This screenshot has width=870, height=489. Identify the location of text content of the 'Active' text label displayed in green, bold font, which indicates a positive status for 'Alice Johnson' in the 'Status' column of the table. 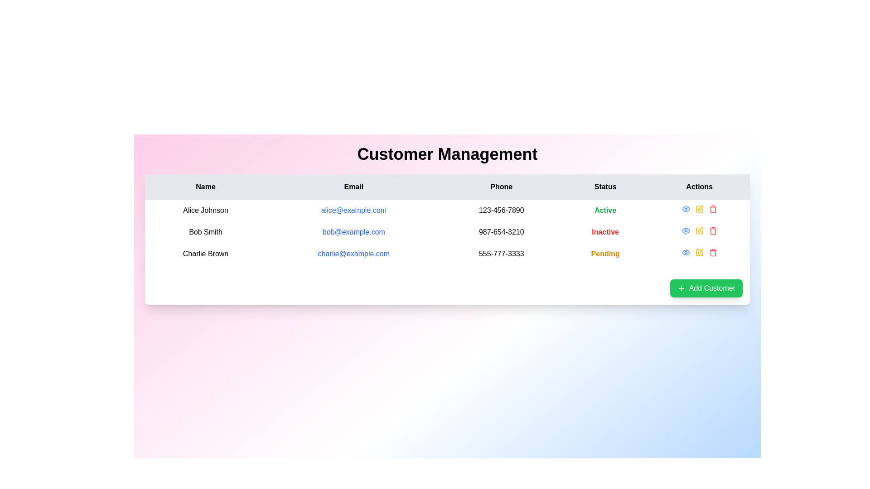
(605, 211).